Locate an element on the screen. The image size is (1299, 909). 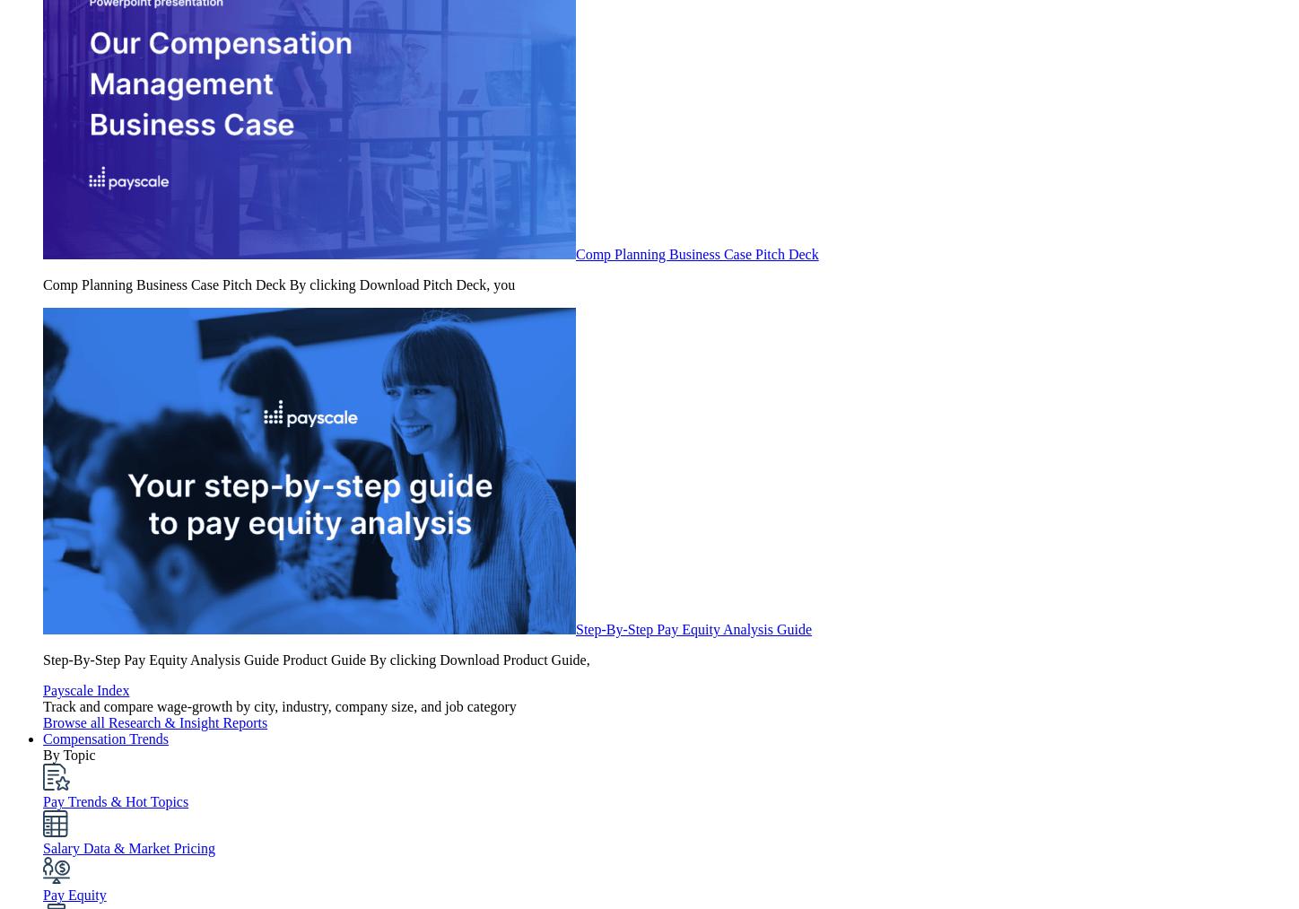
'By Topic' is located at coordinates (69, 754).